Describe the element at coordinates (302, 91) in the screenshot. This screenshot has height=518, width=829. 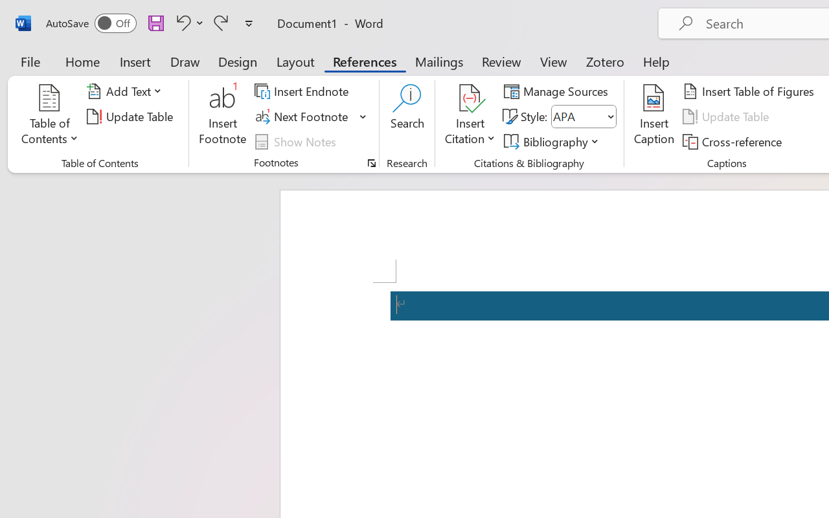
I see `'Insert Endnote'` at that location.